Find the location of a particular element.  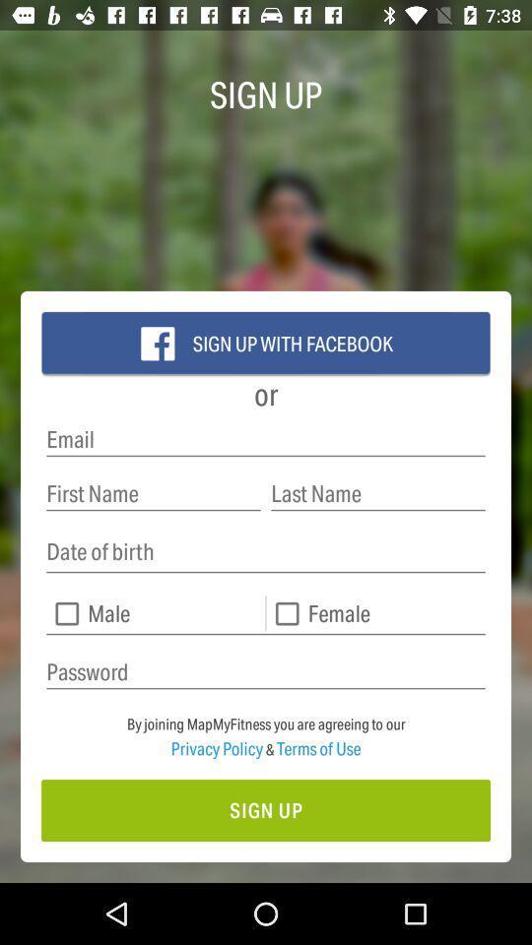

a password is located at coordinates (266, 672).